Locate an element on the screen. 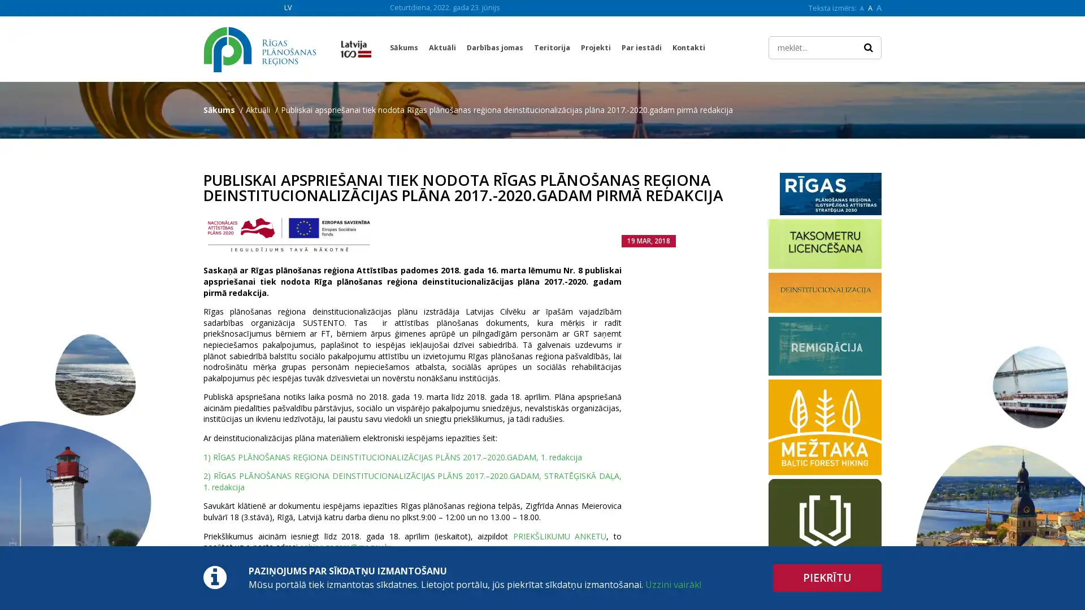  PIEKRITU is located at coordinates (827, 578).